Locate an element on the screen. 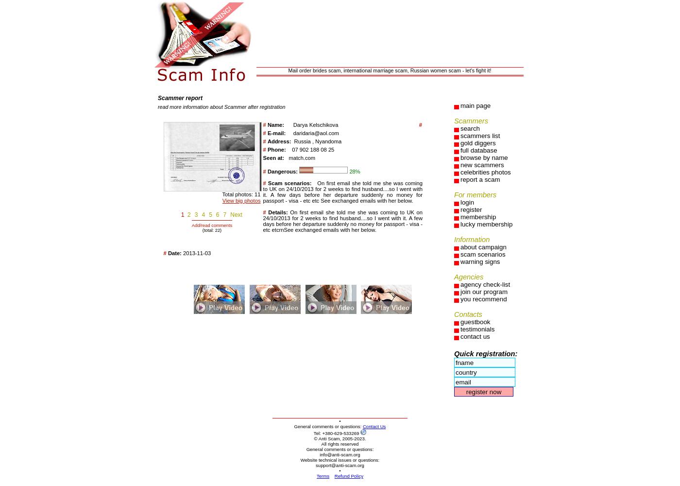 Image resolution: width=680 pixels, height=486 pixels. 'info@anti-scam.org' is located at coordinates (340, 454).